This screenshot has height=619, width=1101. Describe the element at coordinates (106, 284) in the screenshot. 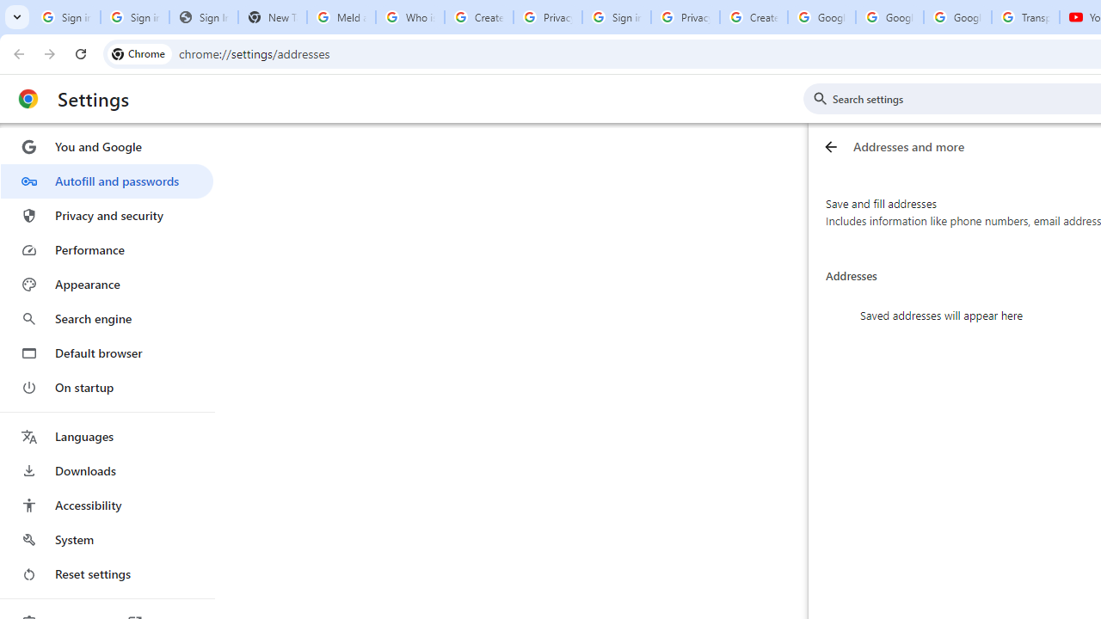

I see `'Appearance'` at that location.